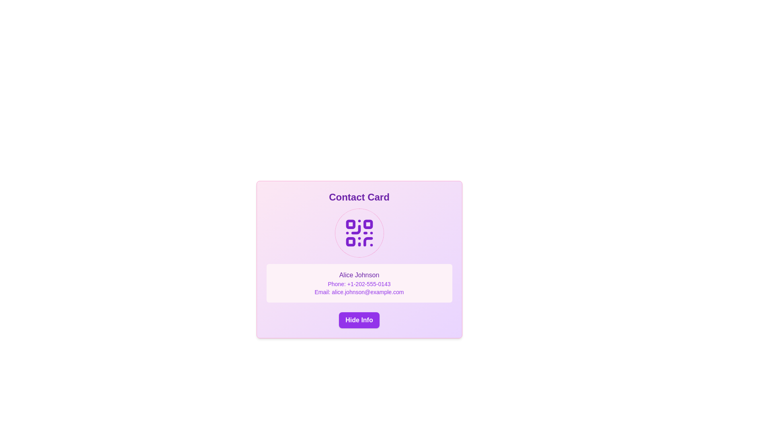 Image resolution: width=772 pixels, height=434 pixels. I want to click on the button that toggles the visibility of the contact details for keyboard accessibility, so click(359, 320).